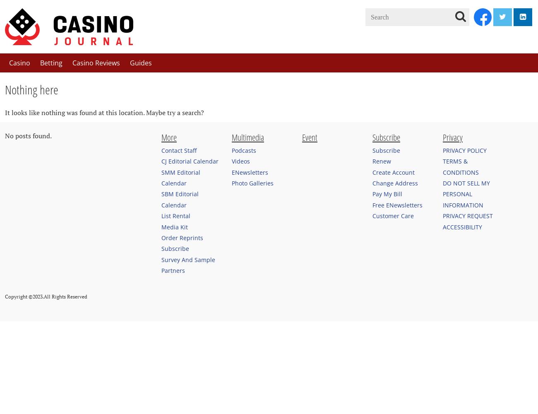  I want to click on 'CJ Editorial Calendar', so click(190, 161).